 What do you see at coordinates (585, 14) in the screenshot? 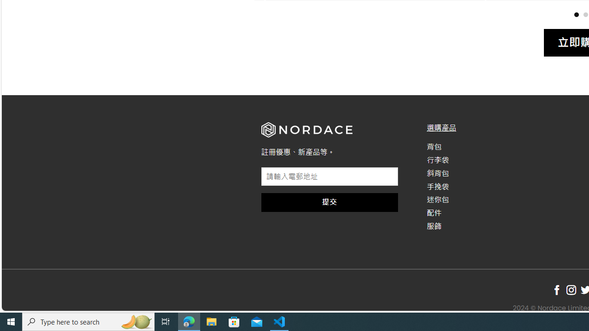
I see `'Page dot 2'` at bounding box center [585, 14].